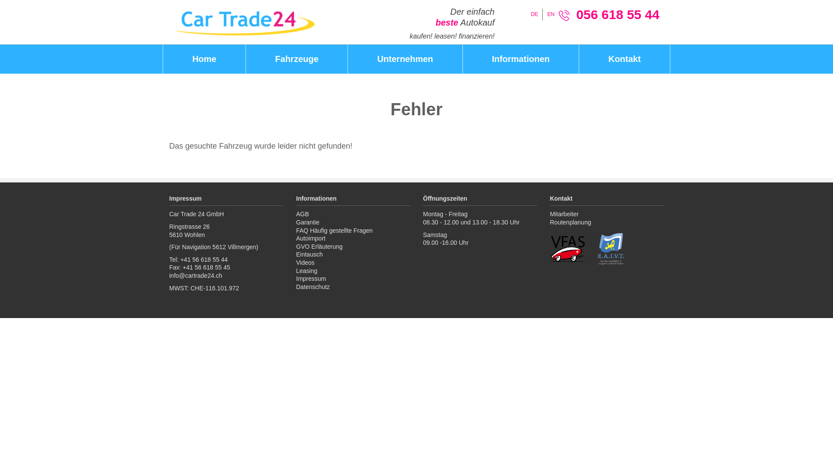 The image size is (833, 468). What do you see at coordinates (607, 222) in the screenshot?
I see `'Routenplanung'` at bounding box center [607, 222].